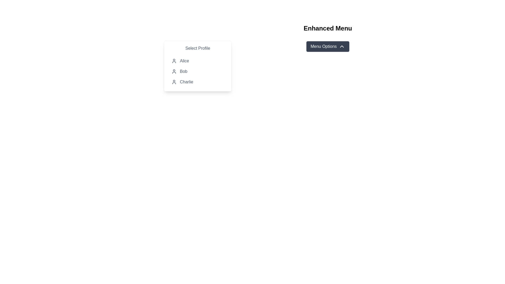  Describe the element at coordinates (182, 82) in the screenshot. I see `the third item in the dropdown menu` at that location.